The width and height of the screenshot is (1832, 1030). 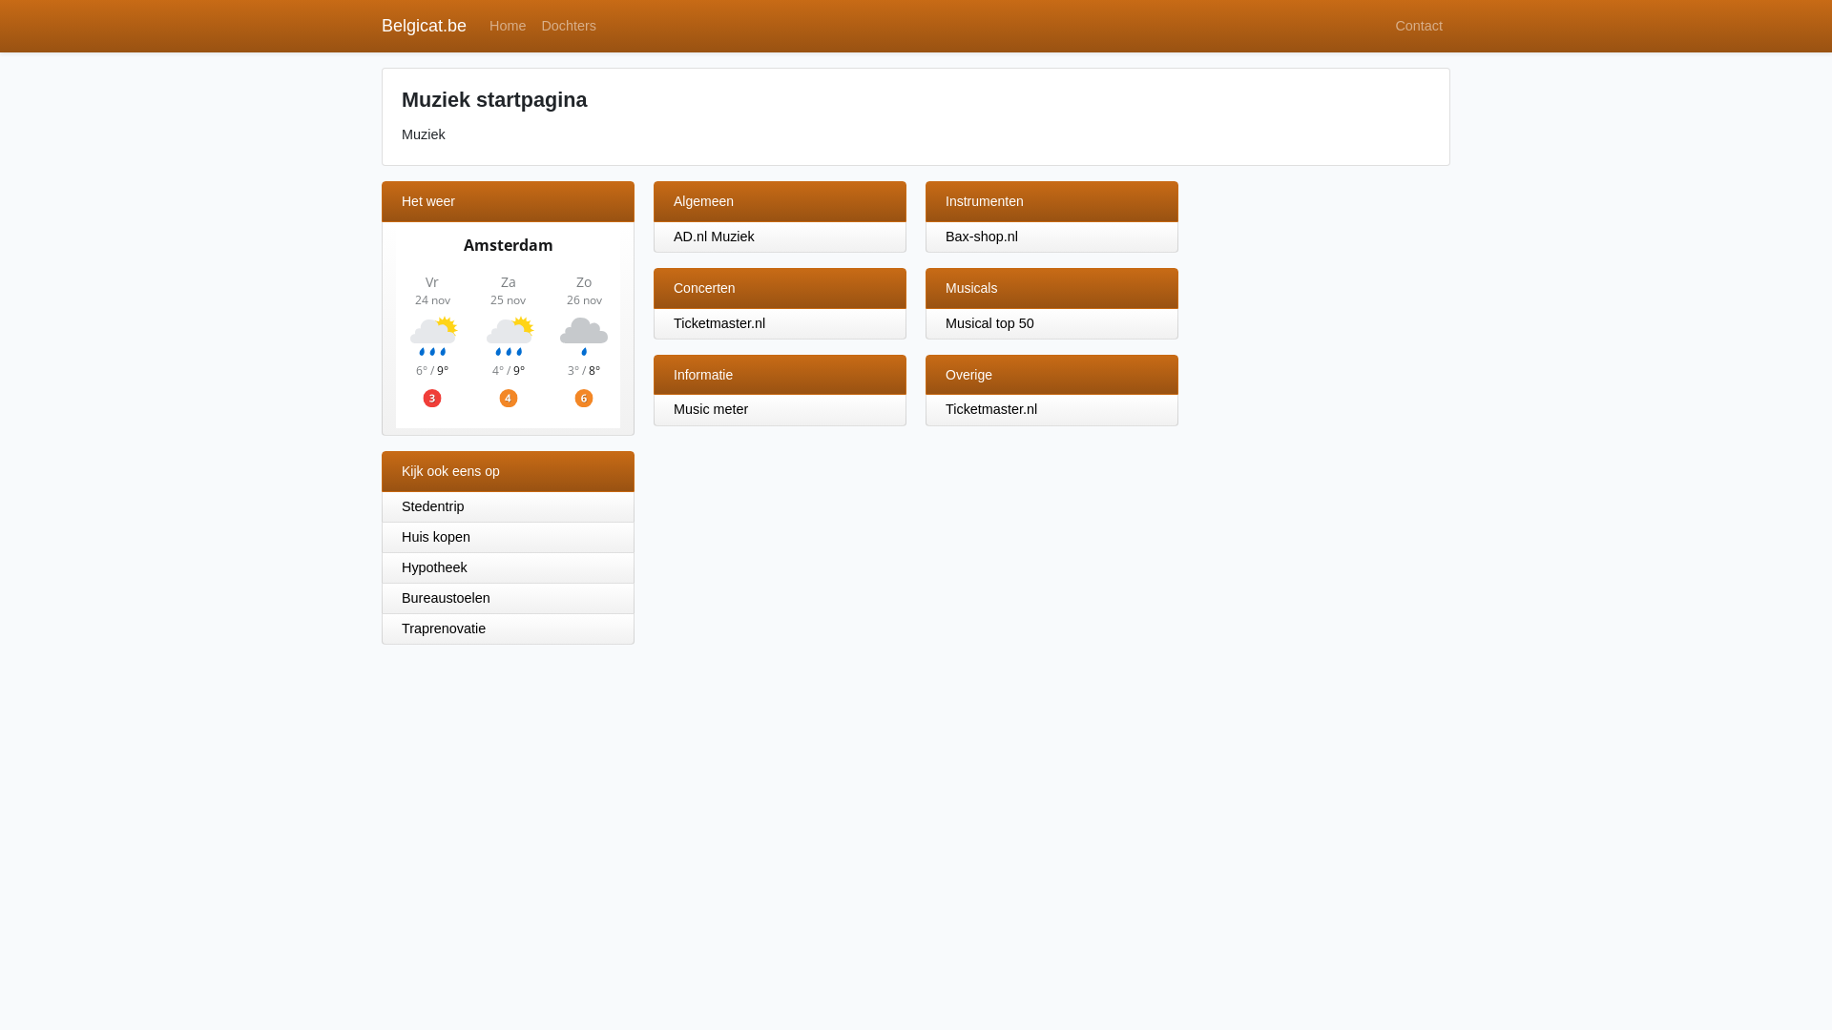 I want to click on 'Music meter', so click(x=673, y=407).